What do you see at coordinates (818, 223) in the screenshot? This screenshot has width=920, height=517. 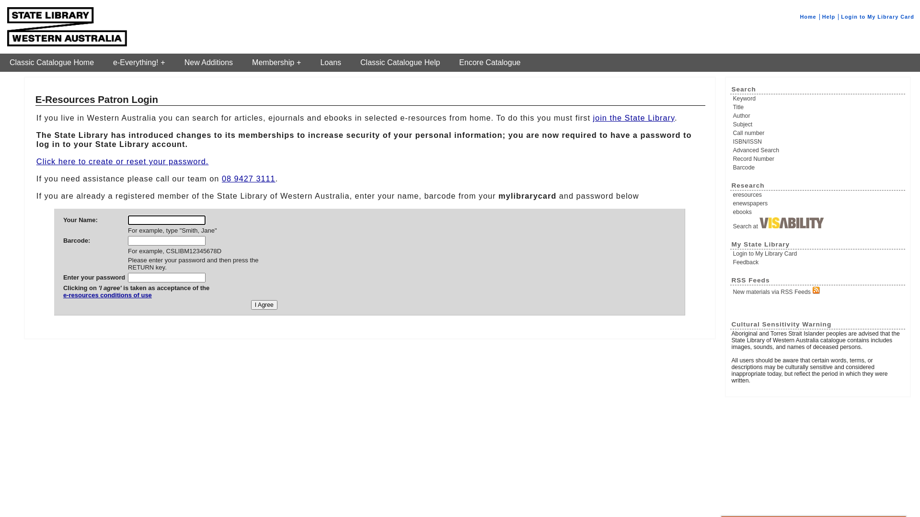 I see `'Search at'` at bounding box center [818, 223].